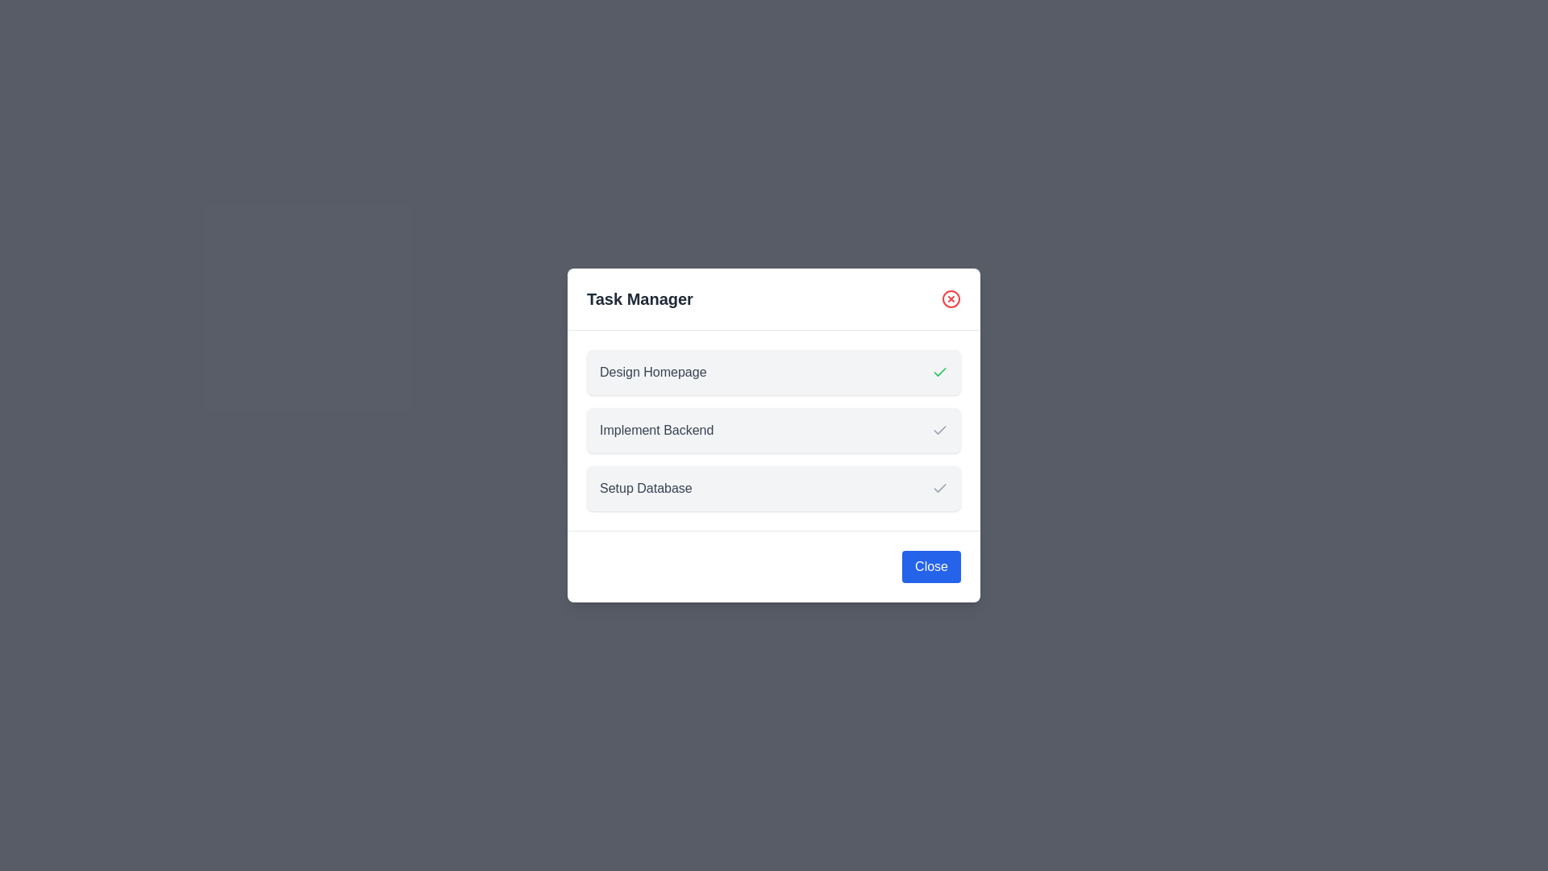 The image size is (1548, 871). I want to click on the 'Close' button at the bottom of the dialog, so click(931, 565).